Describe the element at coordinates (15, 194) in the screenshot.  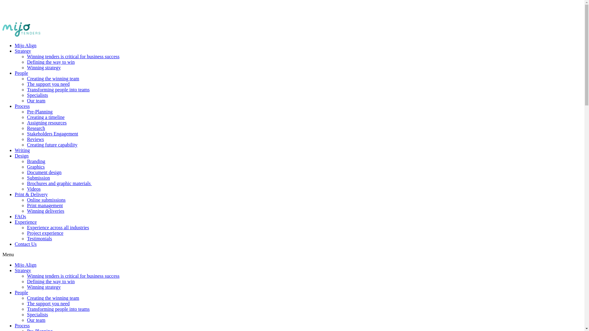
I see `'Print & Delivery'` at that location.